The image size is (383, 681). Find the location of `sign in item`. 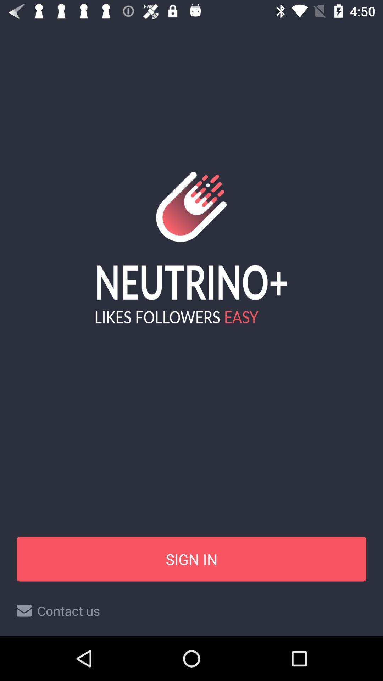

sign in item is located at coordinates (191, 559).